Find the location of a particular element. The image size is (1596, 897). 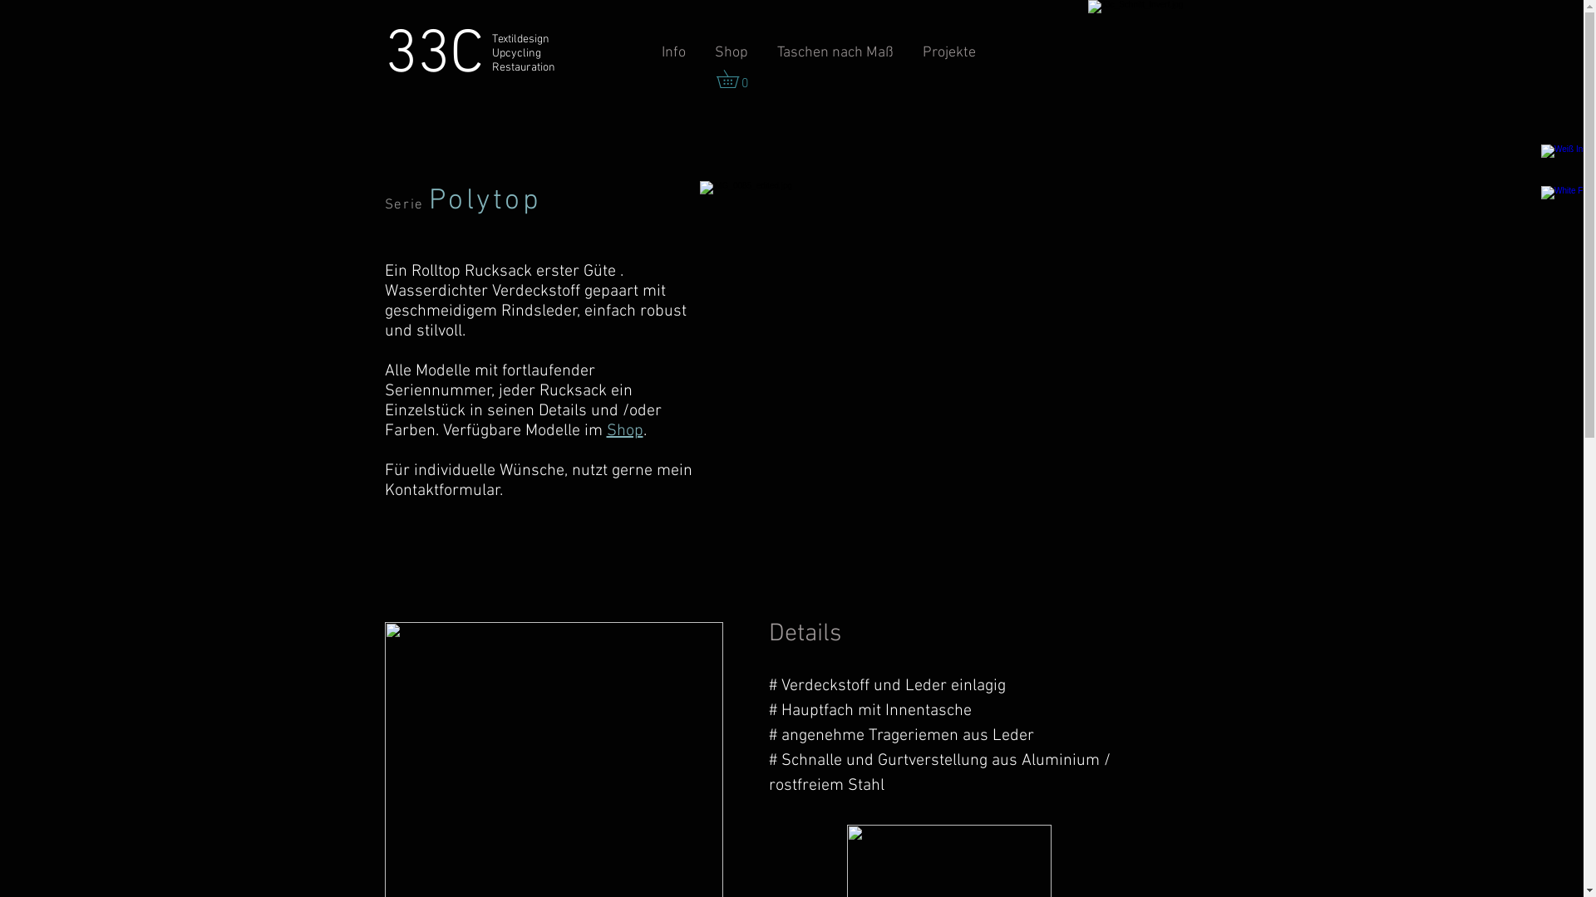

'Projekte' is located at coordinates (948, 52).